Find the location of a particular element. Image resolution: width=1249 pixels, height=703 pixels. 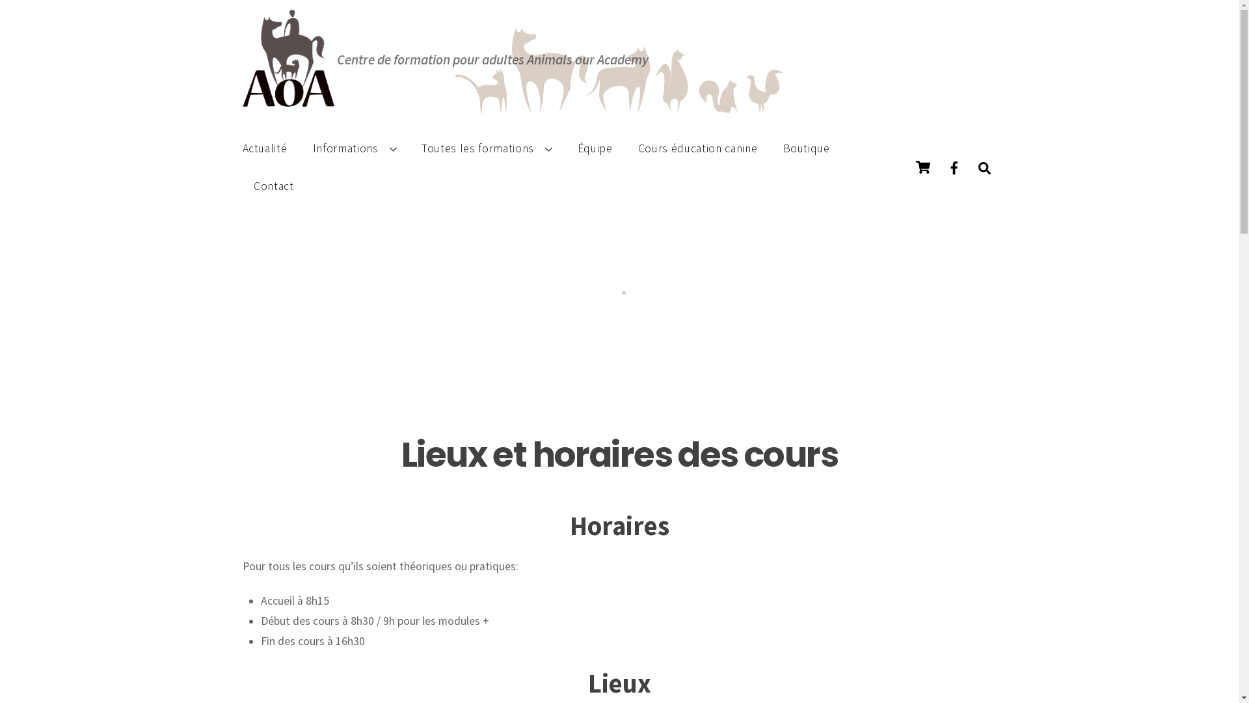

'Boutique' is located at coordinates (805, 148).